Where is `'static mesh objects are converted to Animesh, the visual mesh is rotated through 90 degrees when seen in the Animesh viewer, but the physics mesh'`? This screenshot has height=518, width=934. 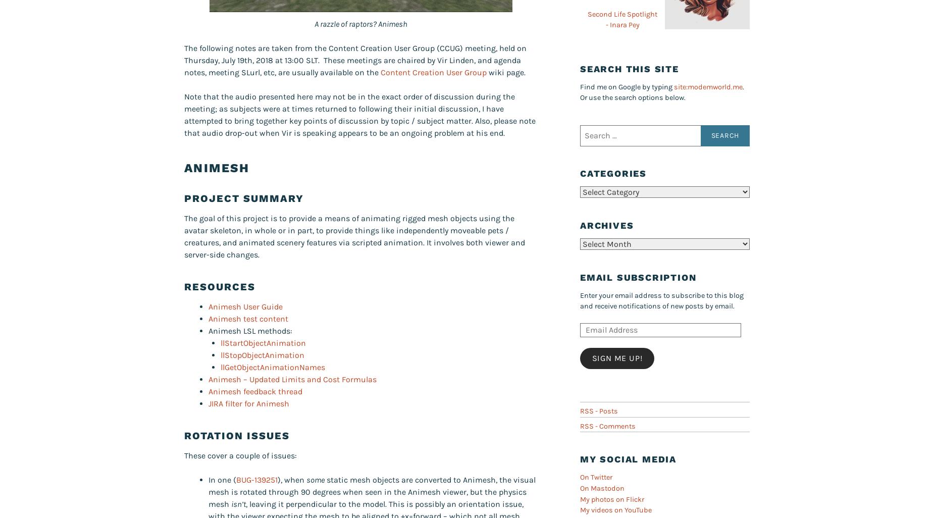 'static mesh objects are converted to Animesh, the visual mesh is rotated through 90 degrees when seen in the Animesh viewer, but the physics mesh' is located at coordinates (372, 492).